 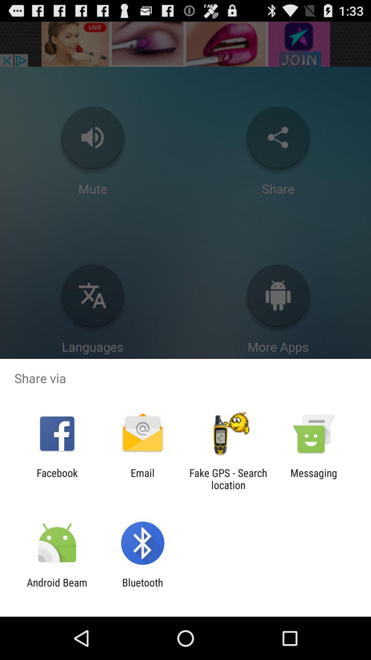 I want to click on icon to the left of email app, so click(x=57, y=478).